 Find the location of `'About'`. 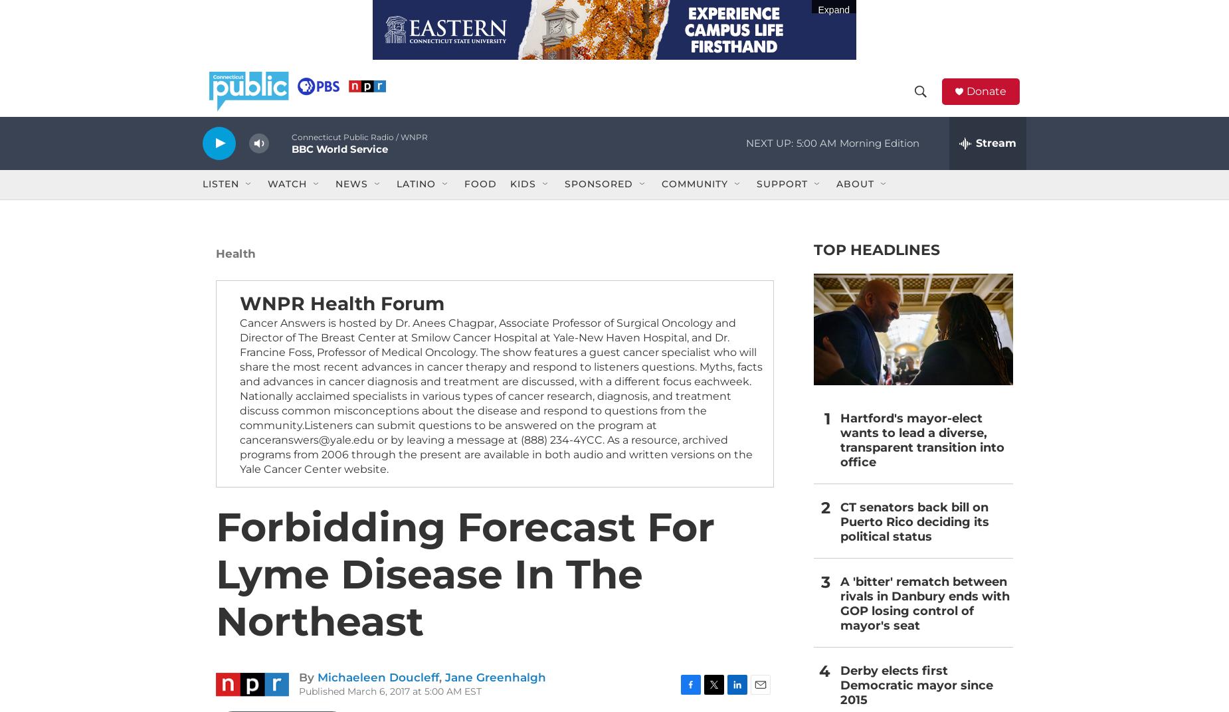

'About' is located at coordinates (854, 202).